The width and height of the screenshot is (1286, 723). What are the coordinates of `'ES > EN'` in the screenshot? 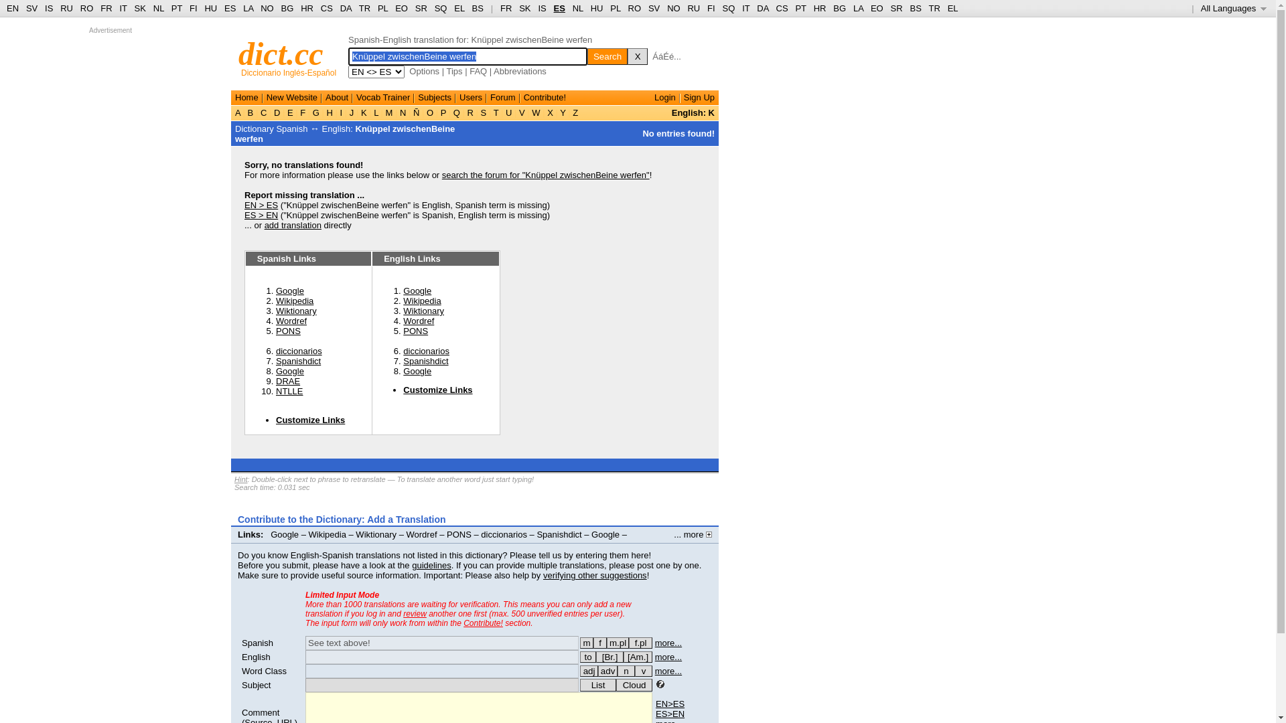 It's located at (244, 214).